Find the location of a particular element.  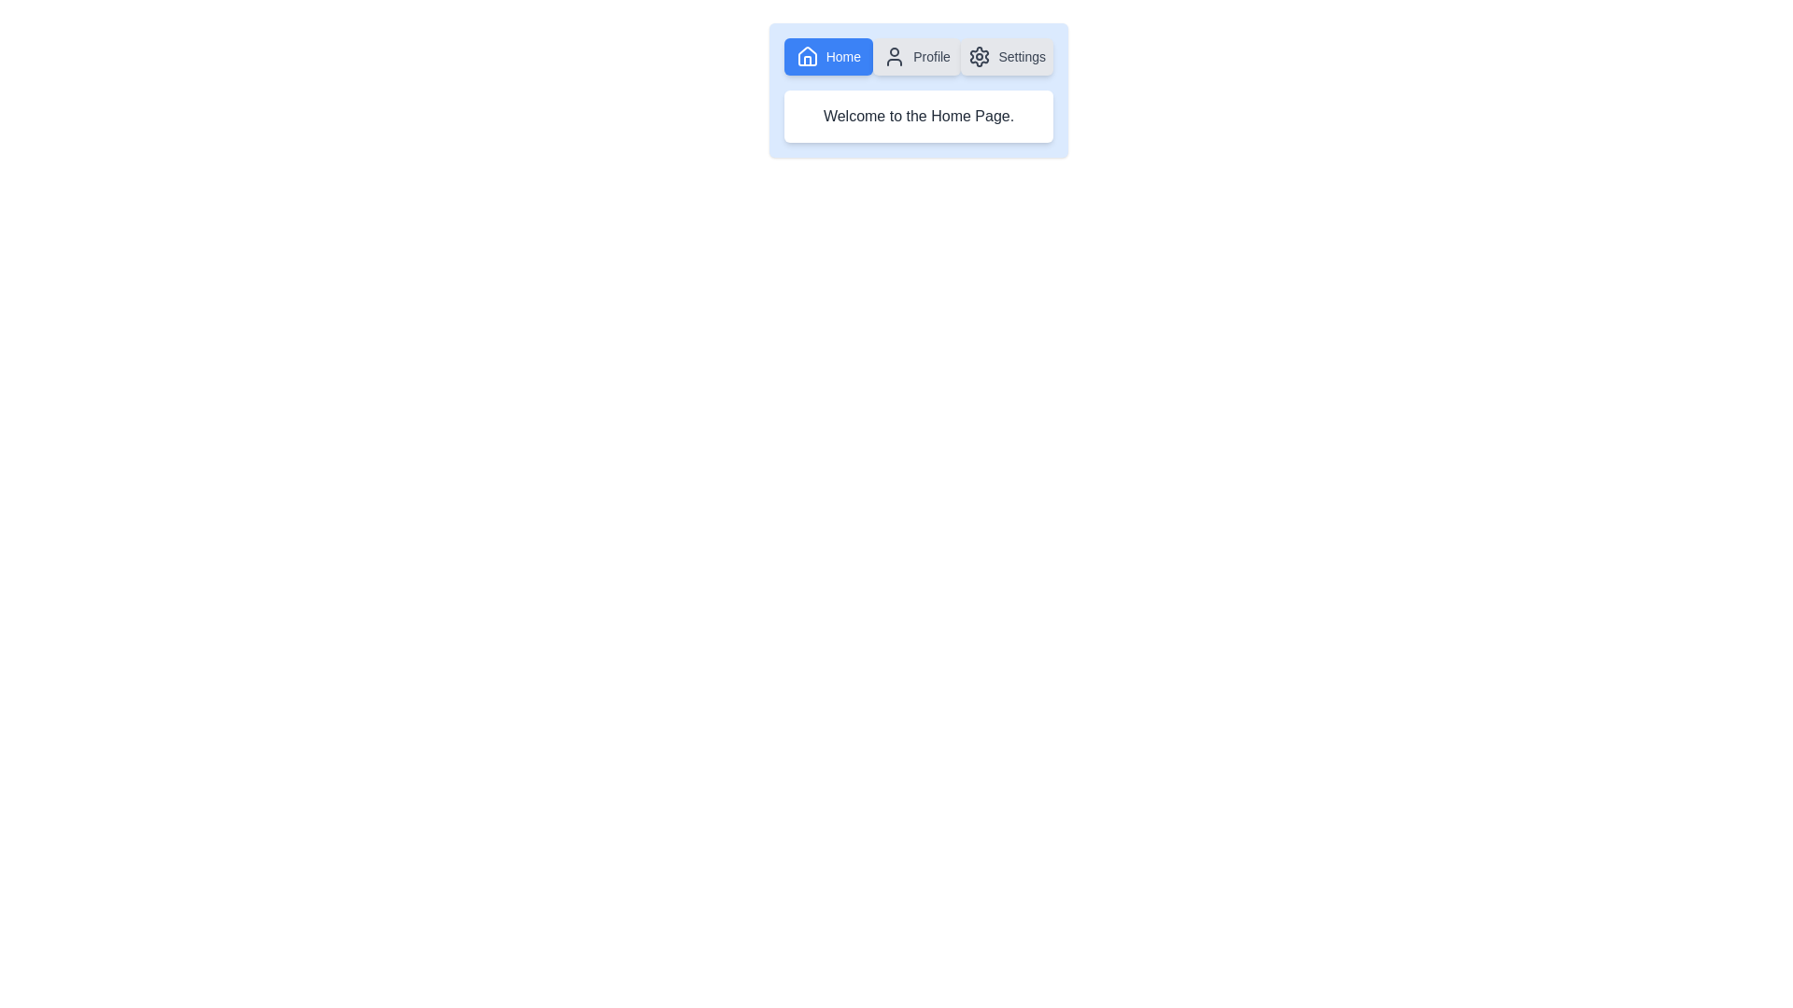

the cogwheel icon located to the left of the 'Settings' text on the button labeled 'Settings' is located at coordinates (979, 56).